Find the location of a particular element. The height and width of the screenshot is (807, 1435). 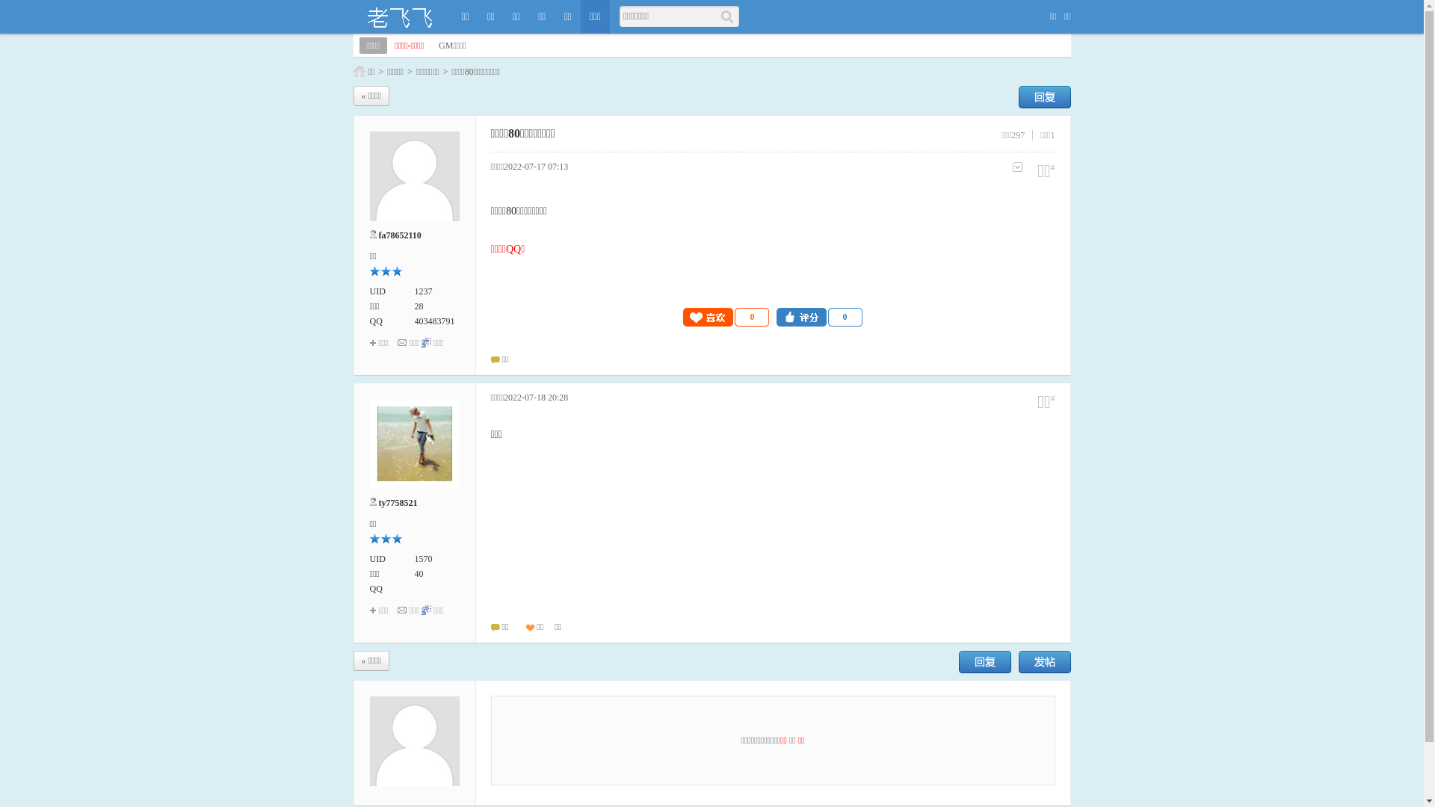

'28' is located at coordinates (413, 305).